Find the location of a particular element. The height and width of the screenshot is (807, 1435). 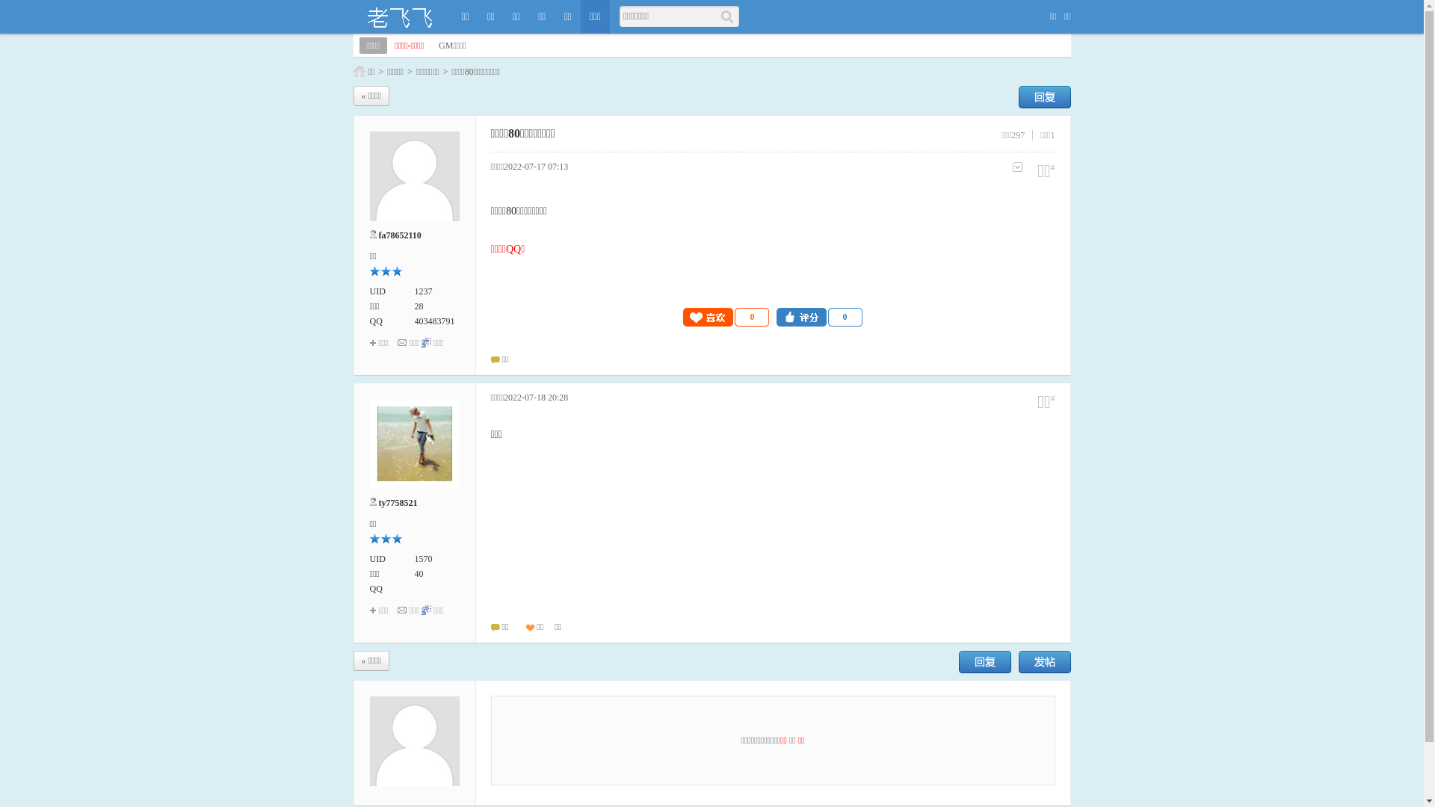

'28' is located at coordinates (413, 305).